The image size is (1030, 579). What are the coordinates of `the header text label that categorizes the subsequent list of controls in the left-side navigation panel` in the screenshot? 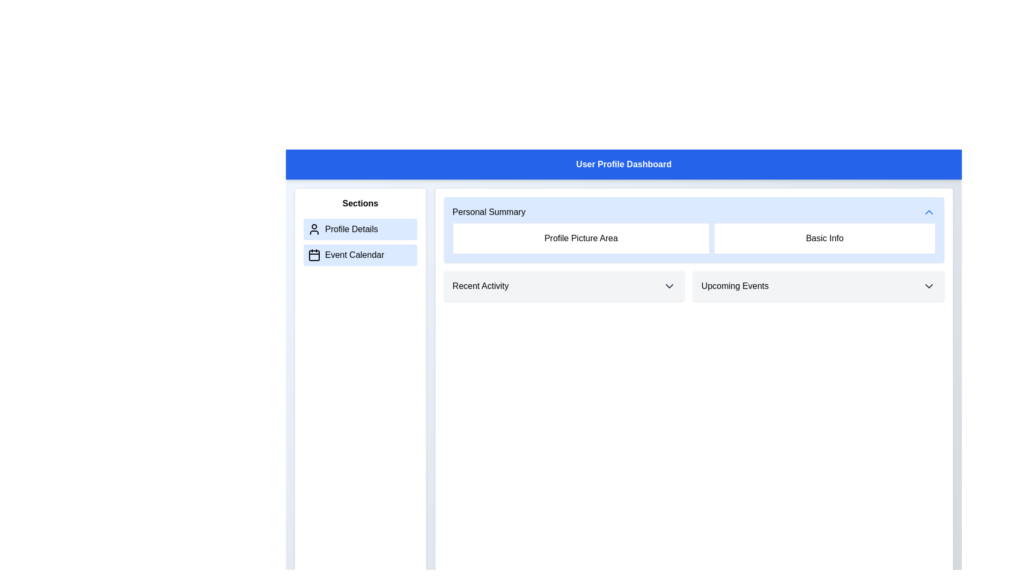 It's located at (360, 204).